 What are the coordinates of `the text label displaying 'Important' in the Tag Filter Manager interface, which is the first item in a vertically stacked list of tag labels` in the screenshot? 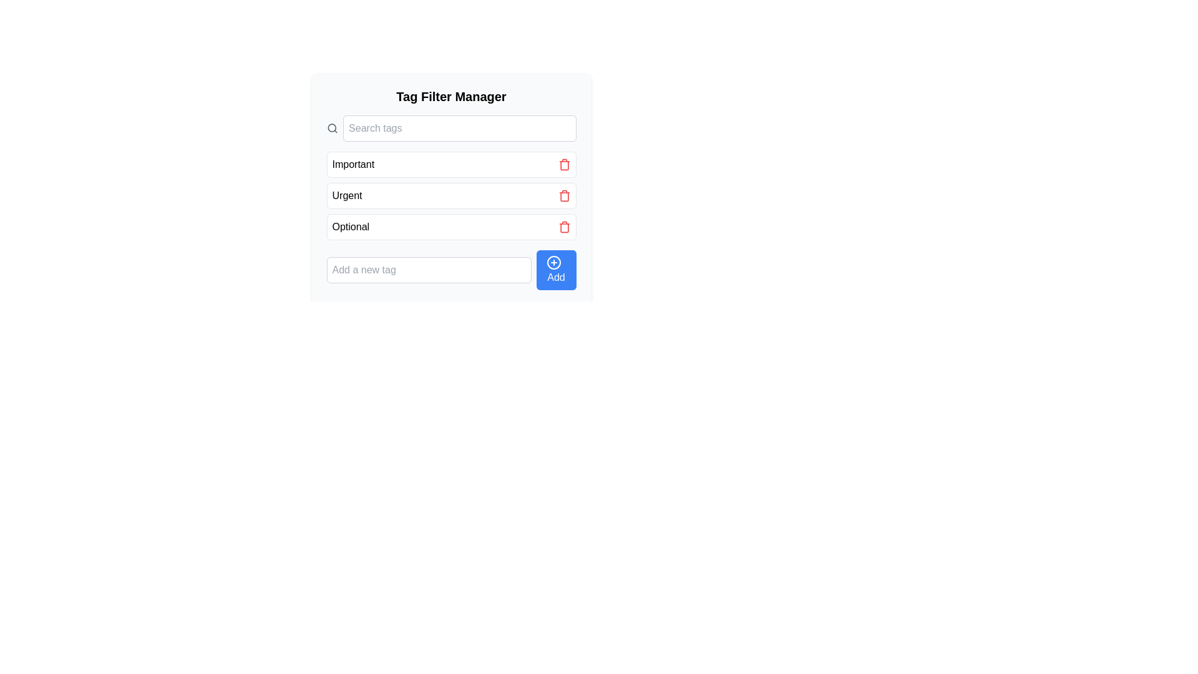 It's located at (353, 164).